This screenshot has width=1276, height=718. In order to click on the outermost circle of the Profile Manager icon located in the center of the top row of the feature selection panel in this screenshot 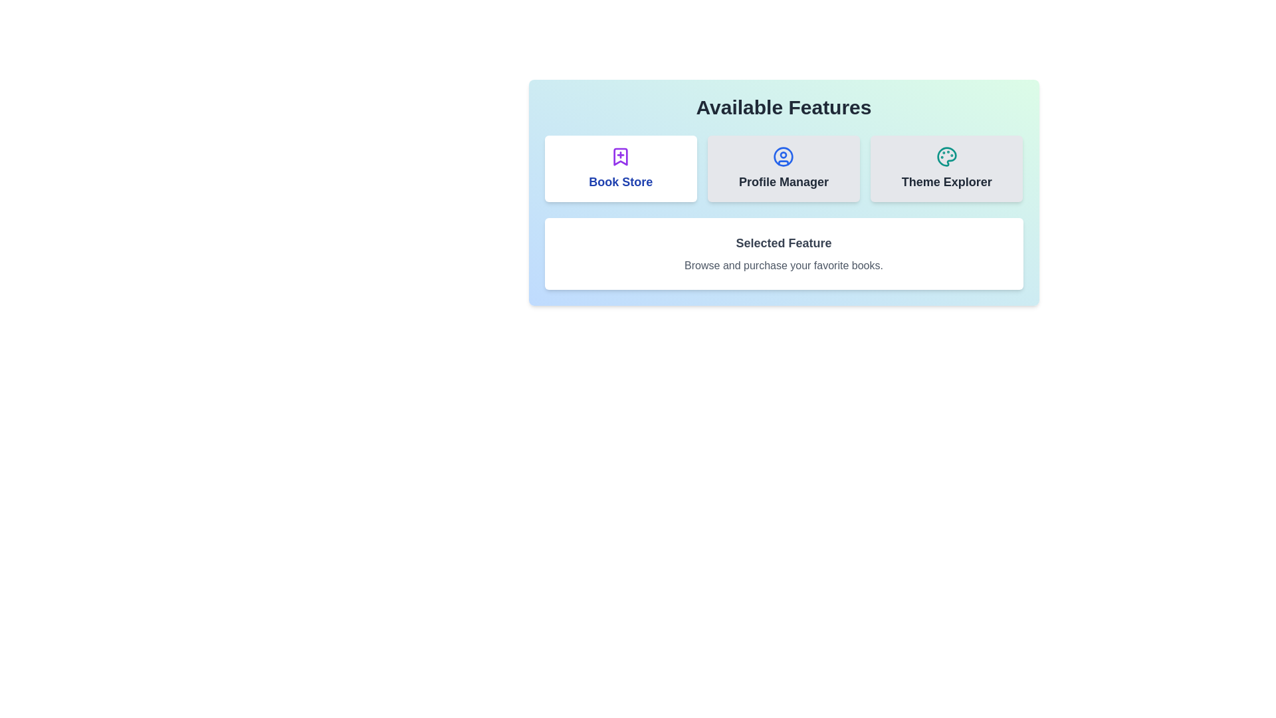, I will do `click(784, 156)`.